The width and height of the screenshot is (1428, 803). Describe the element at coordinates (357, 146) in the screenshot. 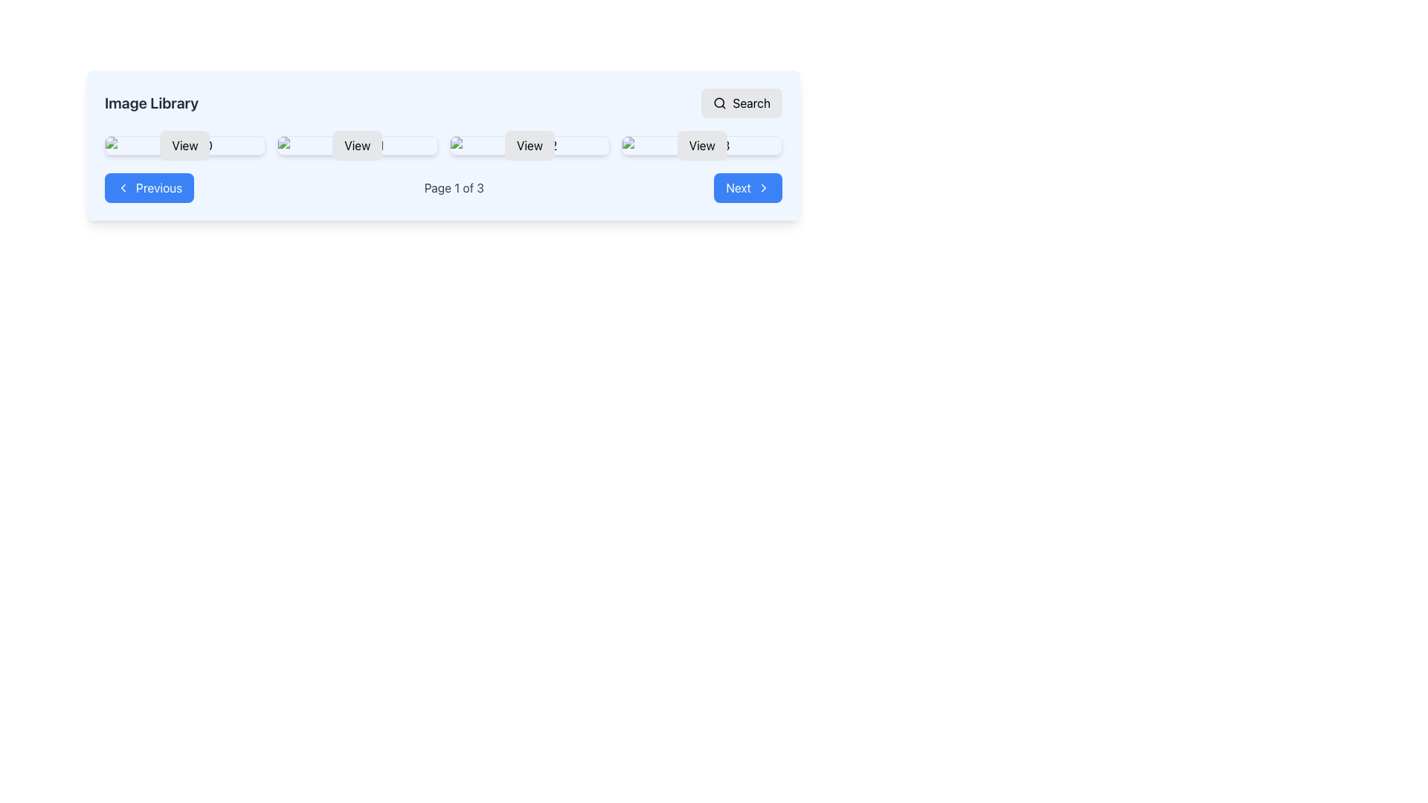

I see `the 'View' button, which is a rectangular button with a light gray background and rounded edges, to activate its hover style` at that location.